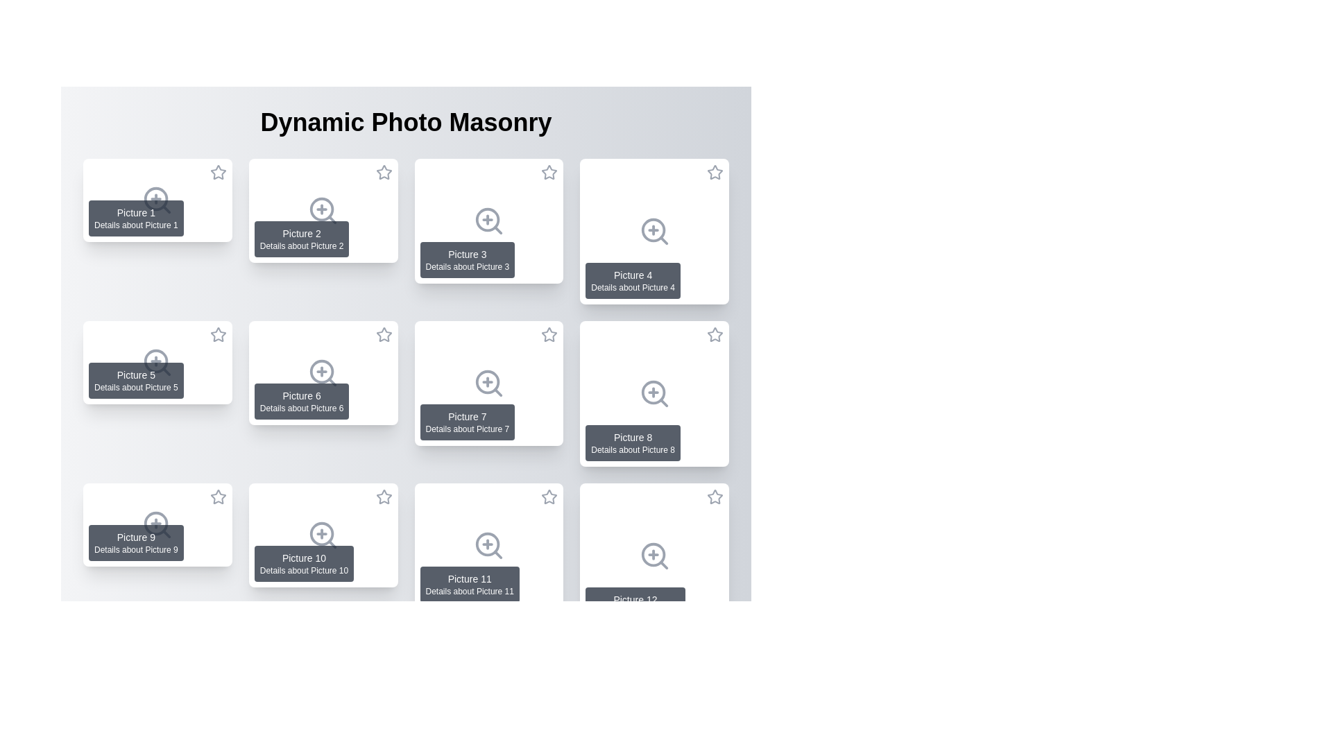  Describe the element at coordinates (488, 383) in the screenshot. I see `the zoom-in icon (magnifying glass with a plus symbol) located at the center of the card labeled 'Picture 7'` at that location.